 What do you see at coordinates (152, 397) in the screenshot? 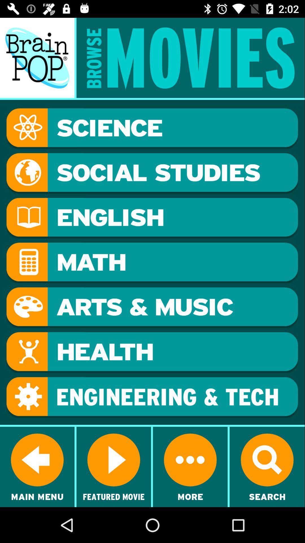
I see `a flashing bar to select movie catagory` at bounding box center [152, 397].